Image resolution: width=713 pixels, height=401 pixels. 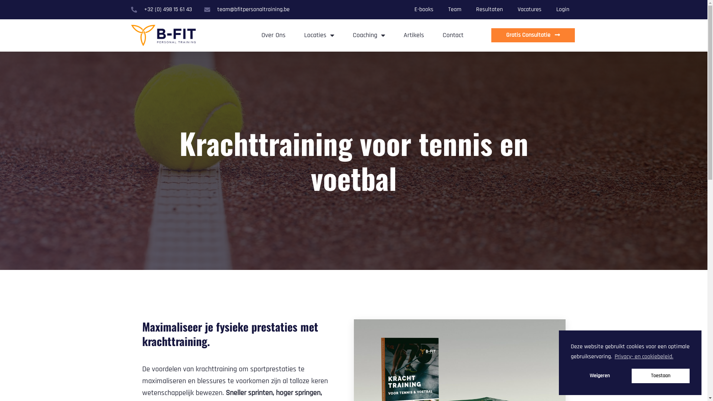 What do you see at coordinates (247, 10) in the screenshot?
I see `'team@bfitpersonaltraining.be'` at bounding box center [247, 10].